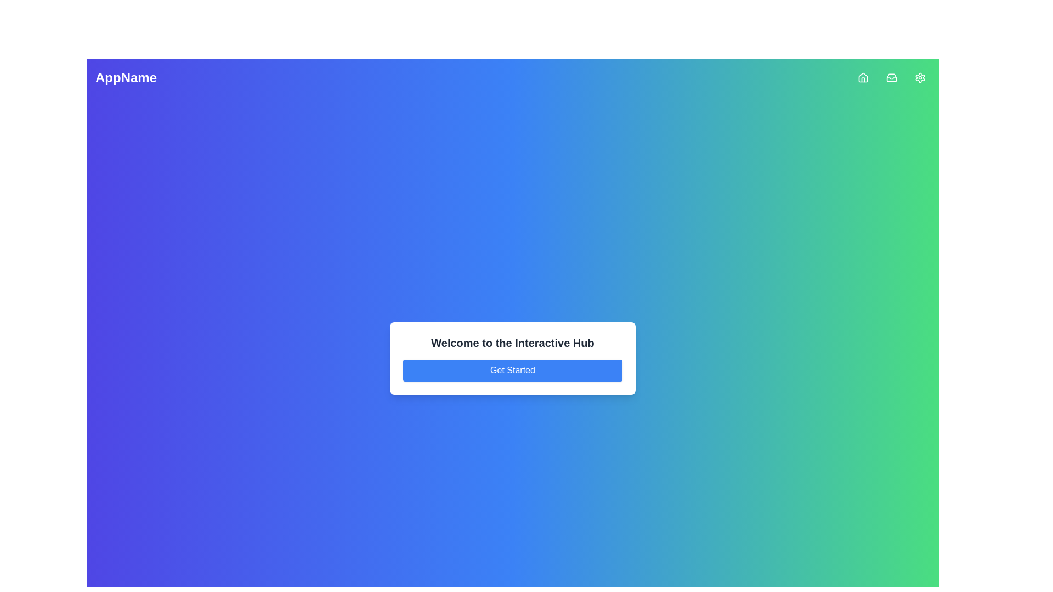 The height and width of the screenshot is (592, 1053). Describe the element at coordinates (512, 370) in the screenshot. I see `the 'Get Started' button` at that location.